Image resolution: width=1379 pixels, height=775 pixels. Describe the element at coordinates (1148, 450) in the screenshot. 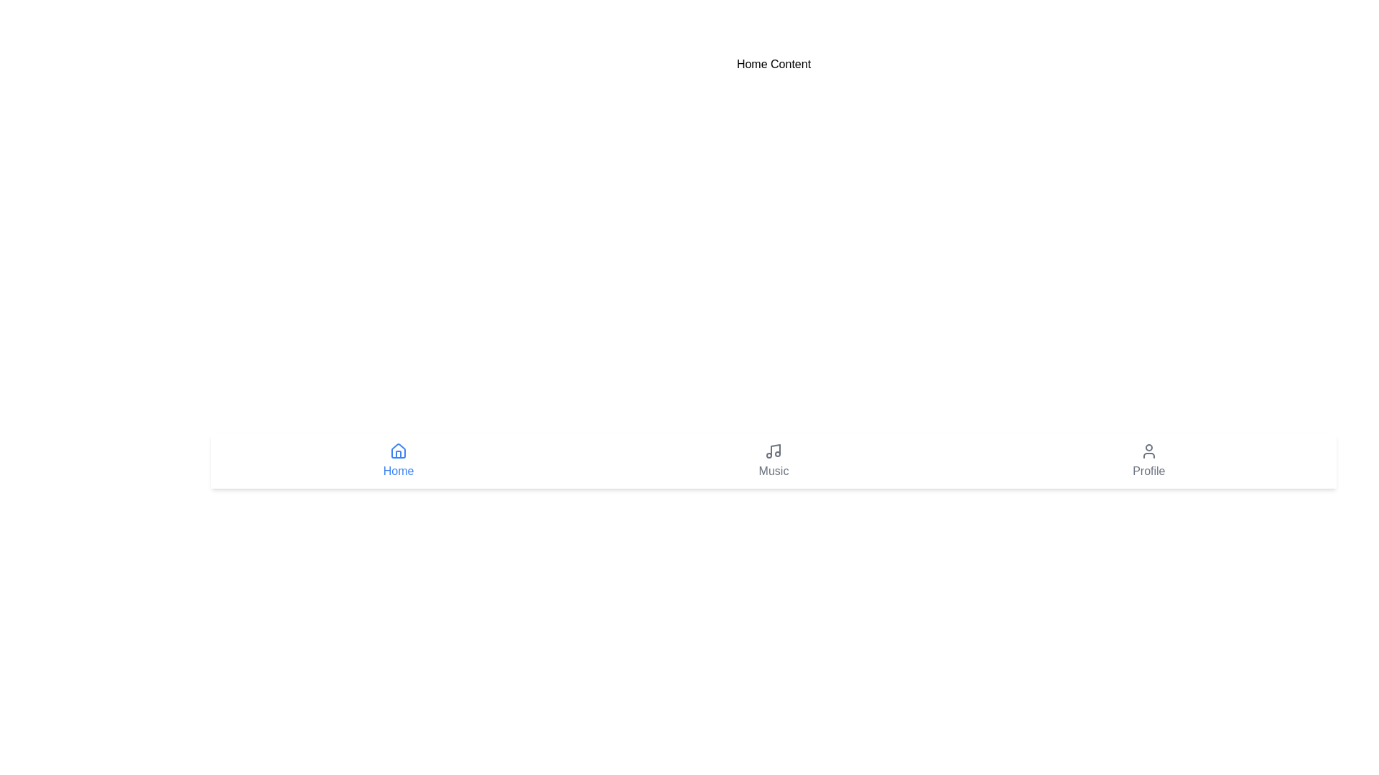

I see `the Profile icon located in the bottom navigation bar, which serves as a navigational aid to the user's profile section` at that location.